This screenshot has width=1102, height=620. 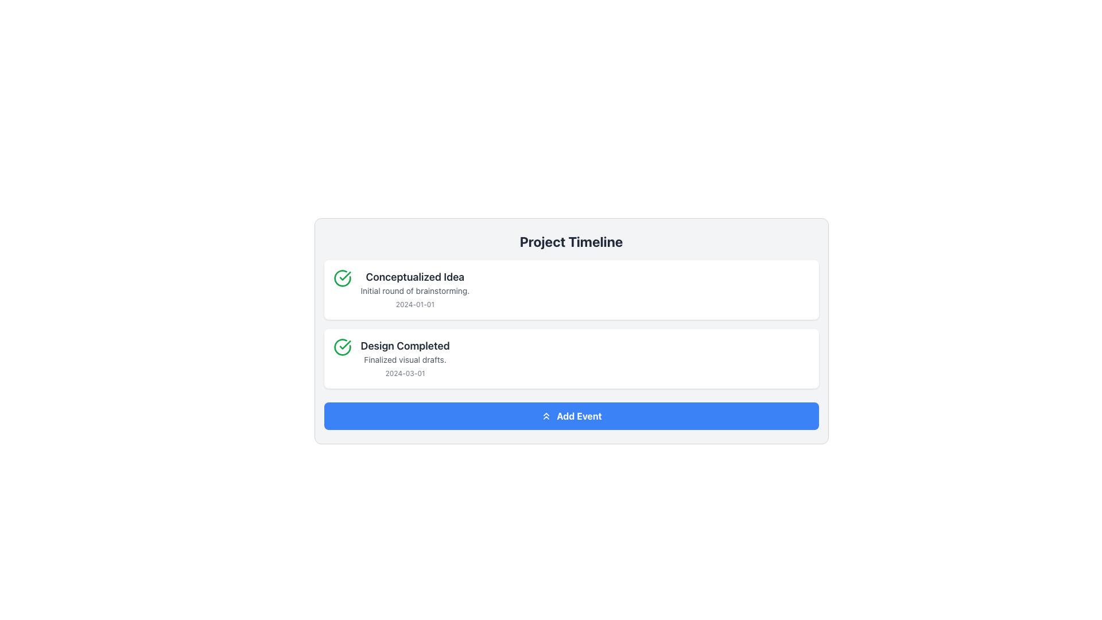 I want to click on the button to add a new event to the timeline, located below the 'Design Completed' entry in the 'Project Timeline' section, so click(x=571, y=416).